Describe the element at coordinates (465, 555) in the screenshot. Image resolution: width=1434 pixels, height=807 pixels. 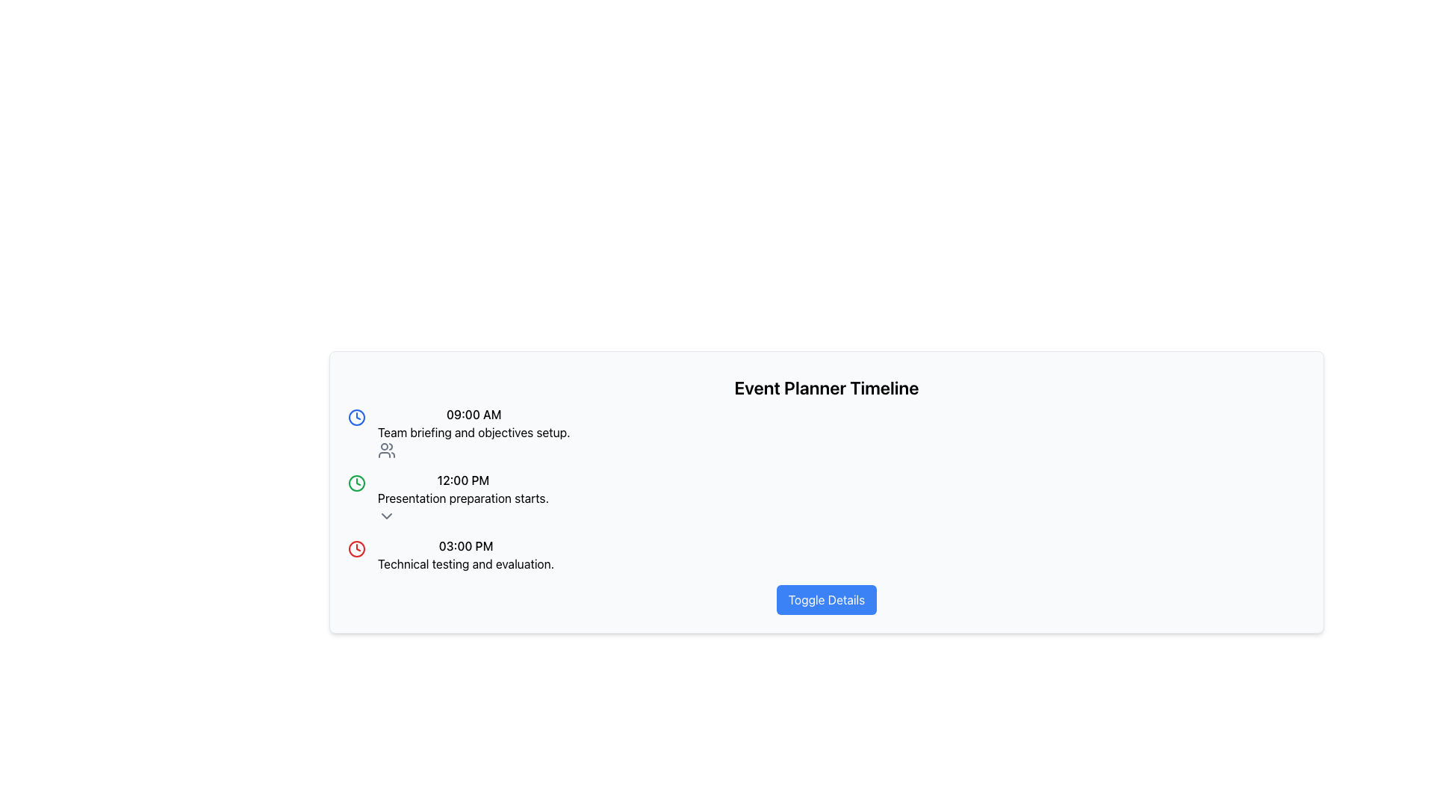
I see `the description of the third Timeline event item, which is located below '12:00 PM Presentation preparation starts' and above subsequent entries, indicated by a red clock icon` at that location.